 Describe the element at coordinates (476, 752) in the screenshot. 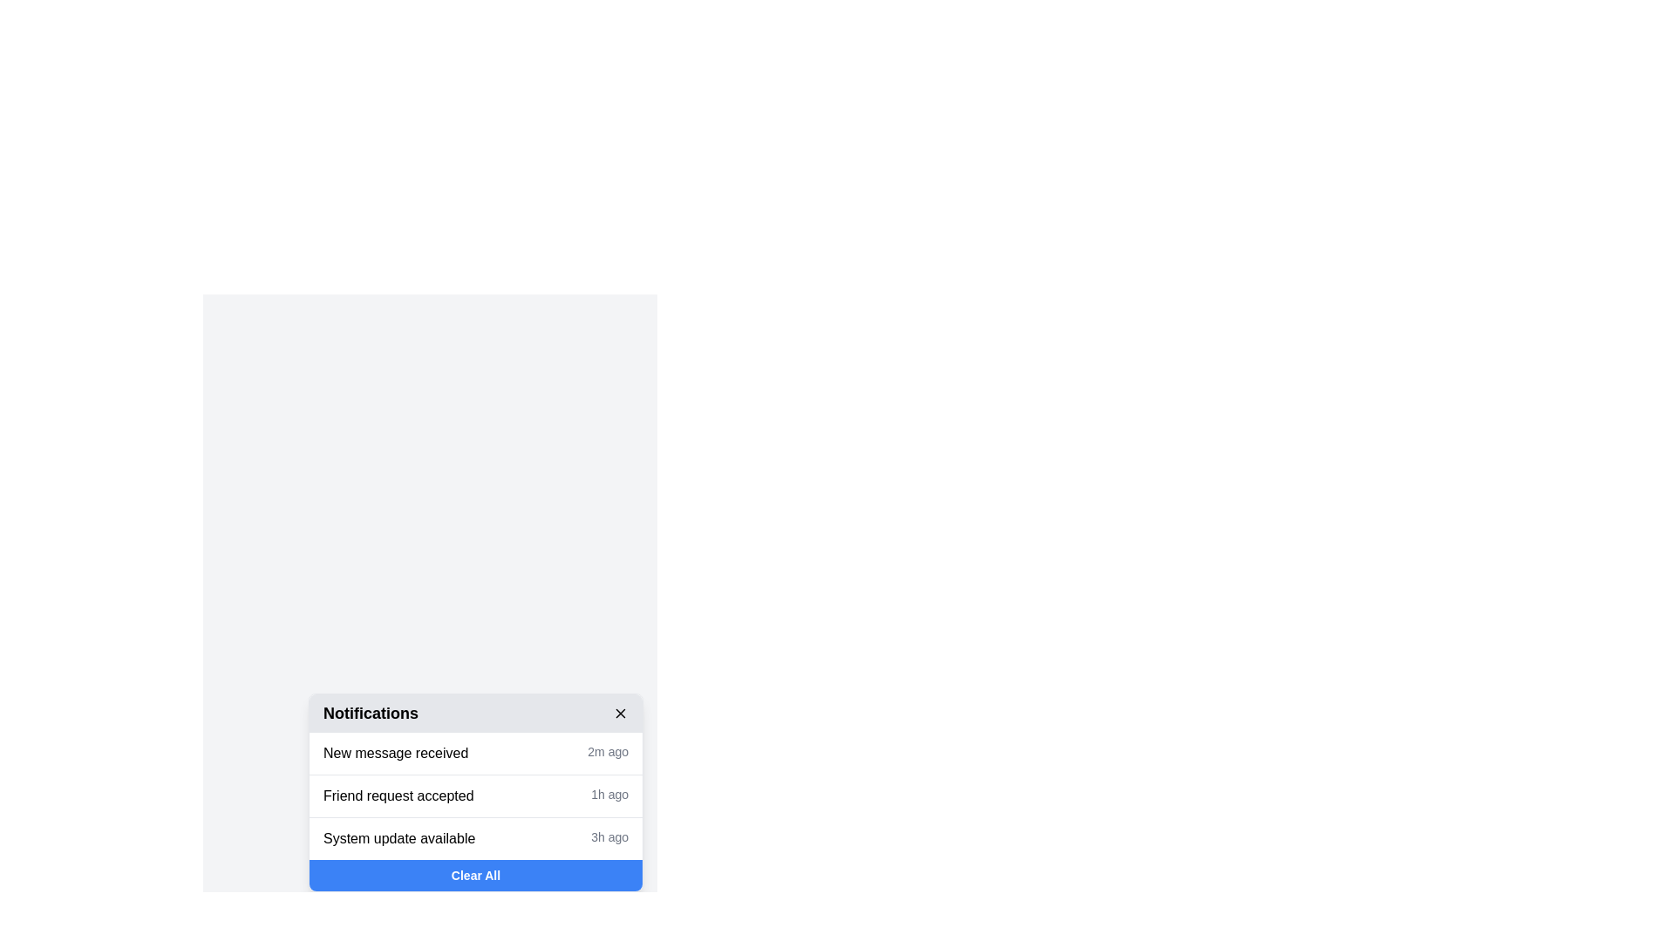

I see `the topmost notification item in the notification list indicating a new message` at that location.